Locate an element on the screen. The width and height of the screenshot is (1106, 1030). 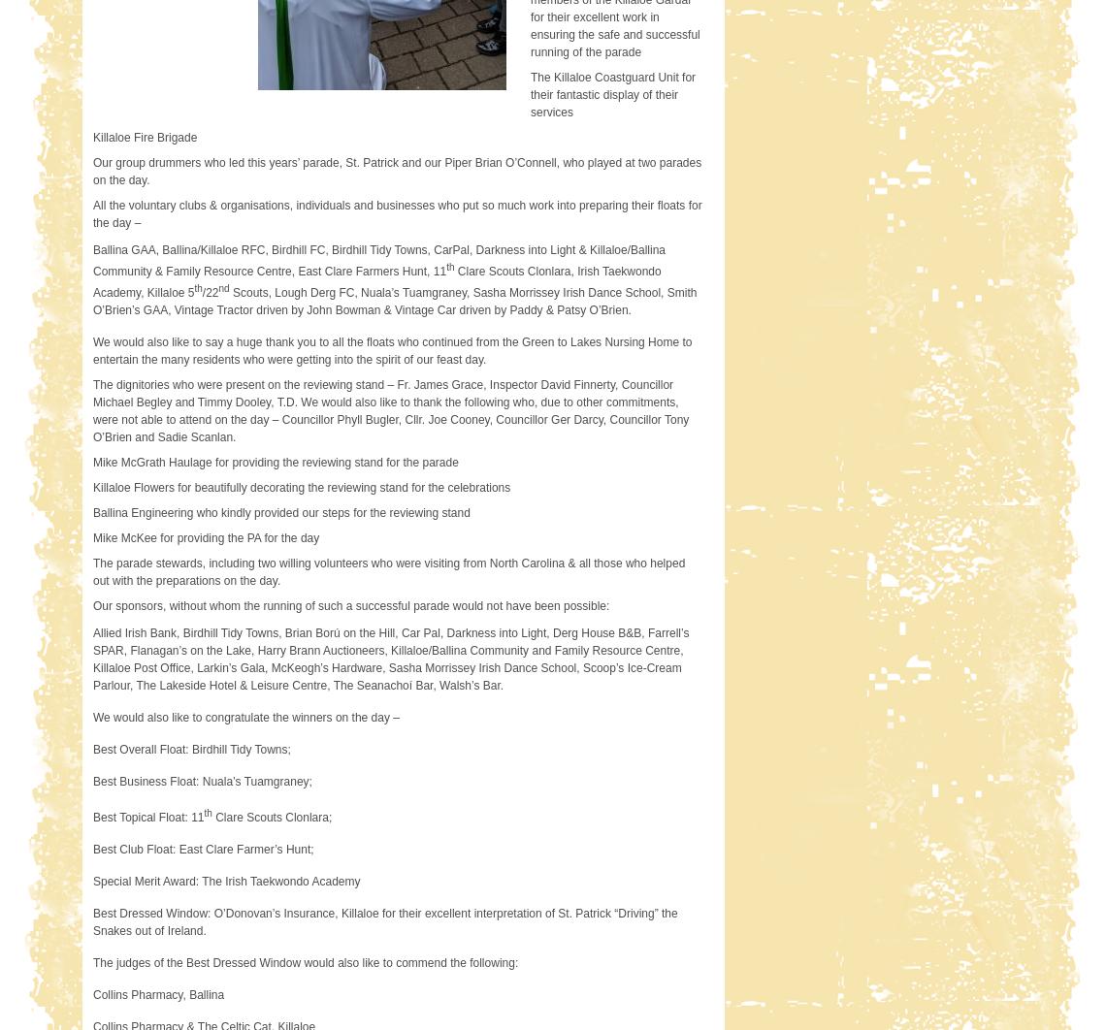
'Scouts, Lough Derg FC, Nuala’s Tuamgraney, Sasha Morrissey Irish Dance School, Smith O’Brien’s GAA, Vintage Tractor driven by John Bowman & Vintage Car driven by Paddy & Patsy O’Brien.' is located at coordinates (91, 299).